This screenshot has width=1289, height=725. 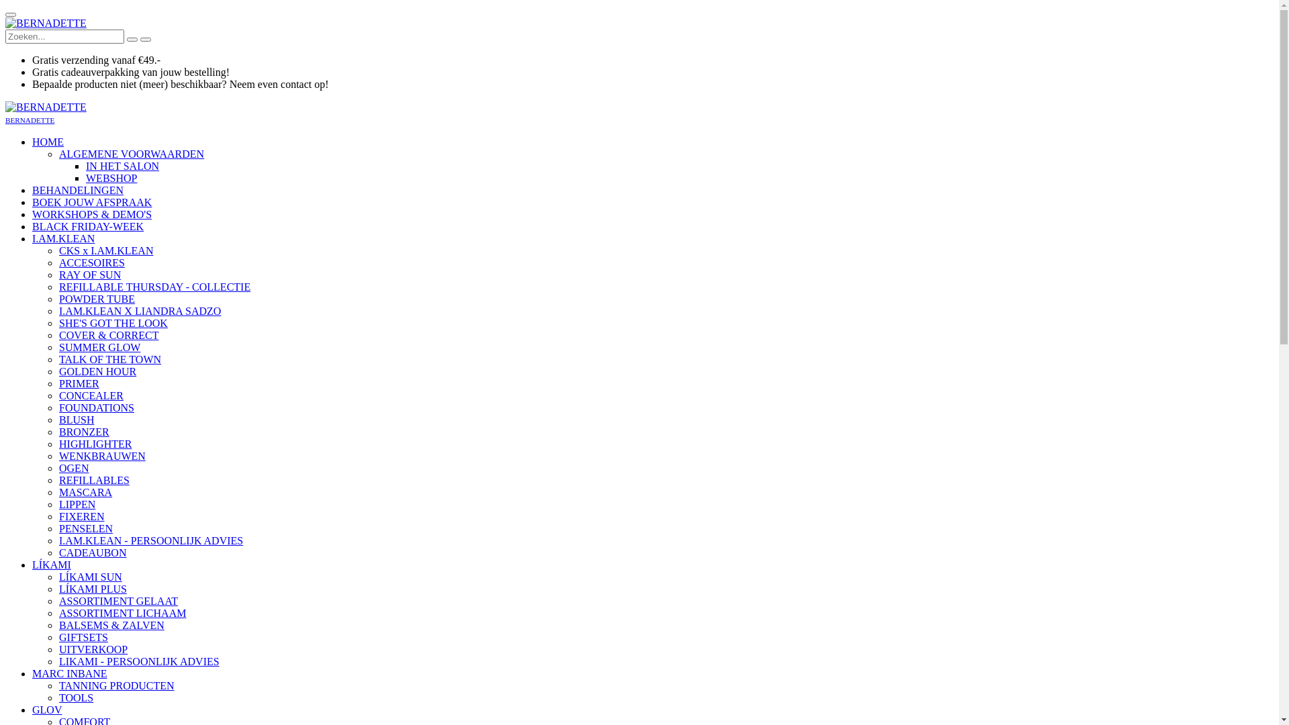 I want to click on 'CADEAUBON', so click(x=92, y=552).